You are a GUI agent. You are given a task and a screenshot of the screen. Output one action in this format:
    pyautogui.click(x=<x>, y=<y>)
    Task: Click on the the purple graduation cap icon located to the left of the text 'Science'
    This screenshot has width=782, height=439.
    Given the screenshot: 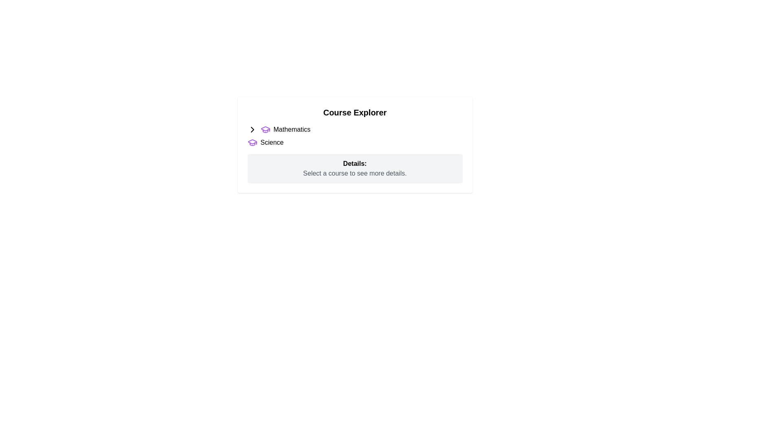 What is the action you would take?
    pyautogui.click(x=252, y=142)
    